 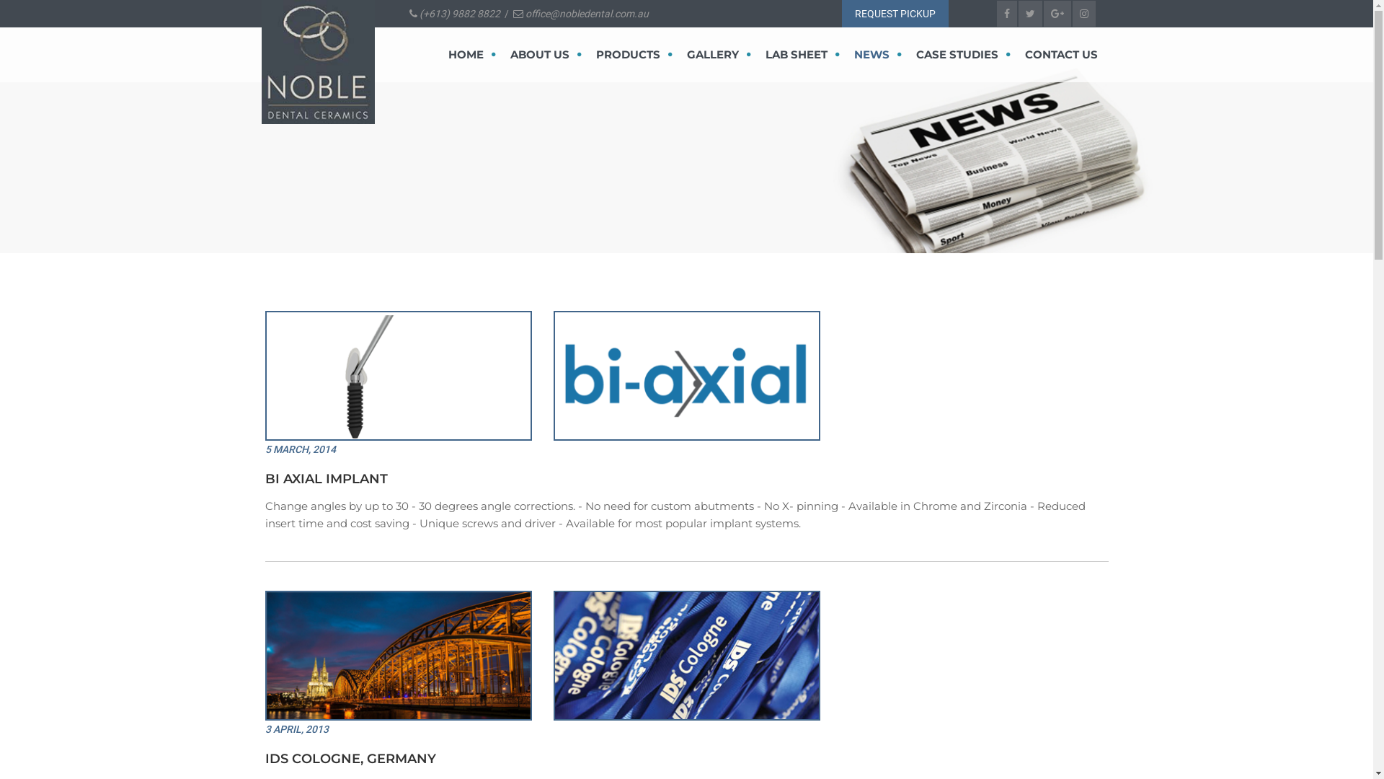 I want to click on 'PRODUCTS', so click(x=588, y=54).